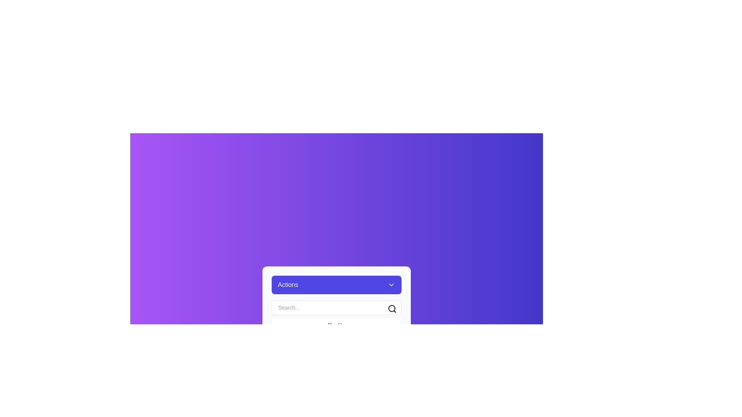 Image resolution: width=742 pixels, height=417 pixels. I want to click on the 'Actions' button to toggle the dropdown menu, so click(336, 285).